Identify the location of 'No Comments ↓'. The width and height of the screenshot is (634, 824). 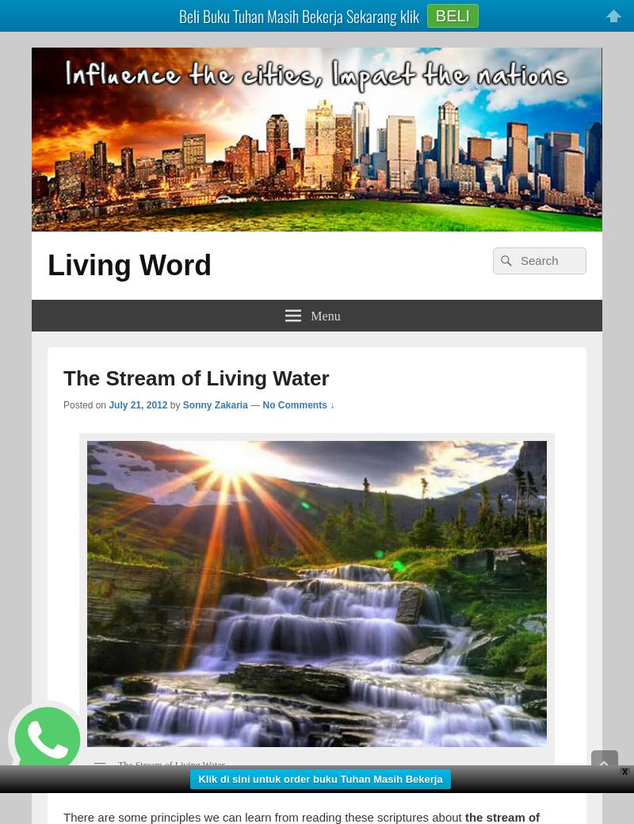
(297, 404).